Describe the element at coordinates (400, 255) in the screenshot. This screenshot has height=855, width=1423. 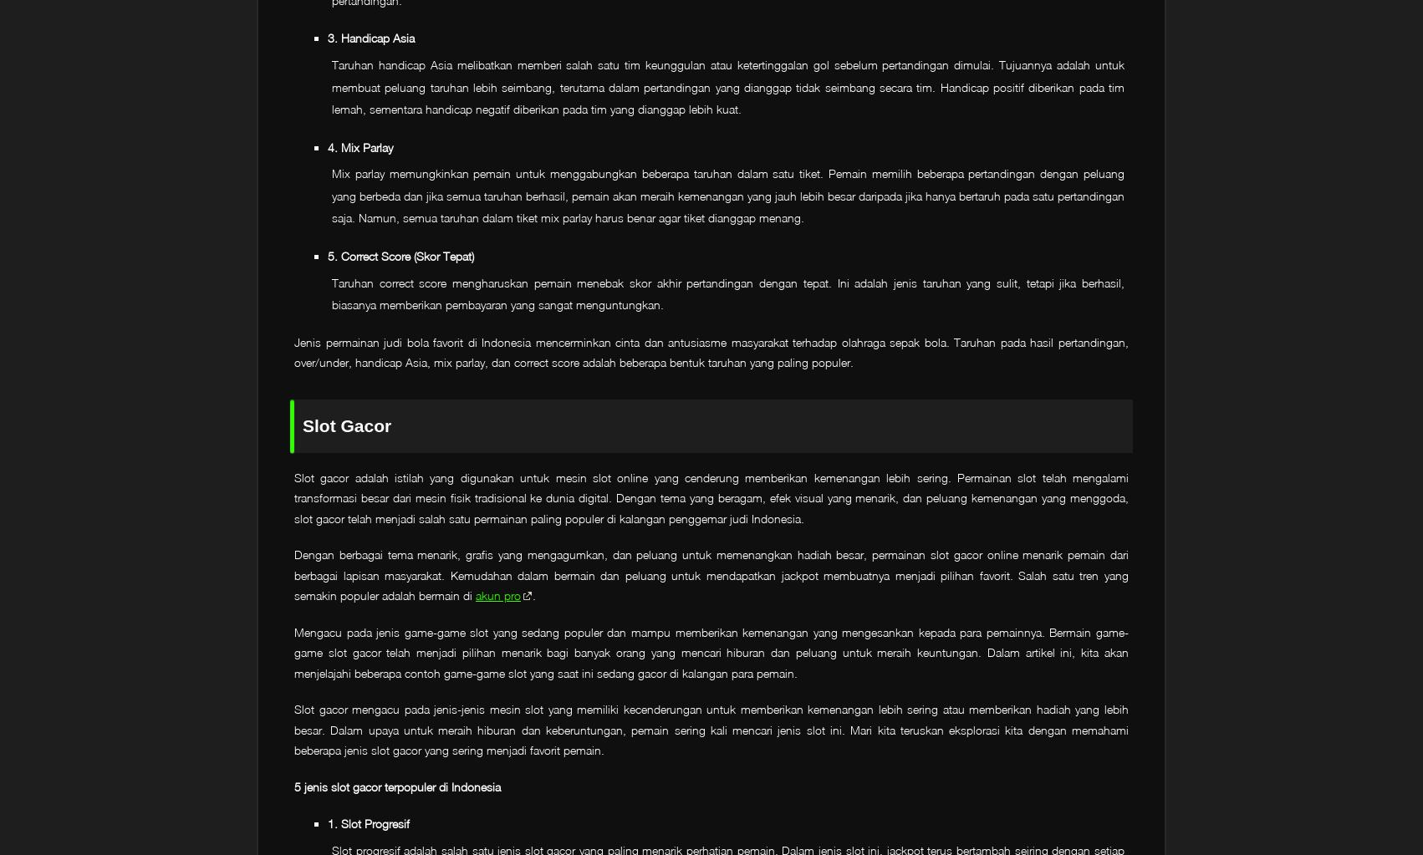
I see `'5. Correct Score (Skor Tepat)'` at that location.